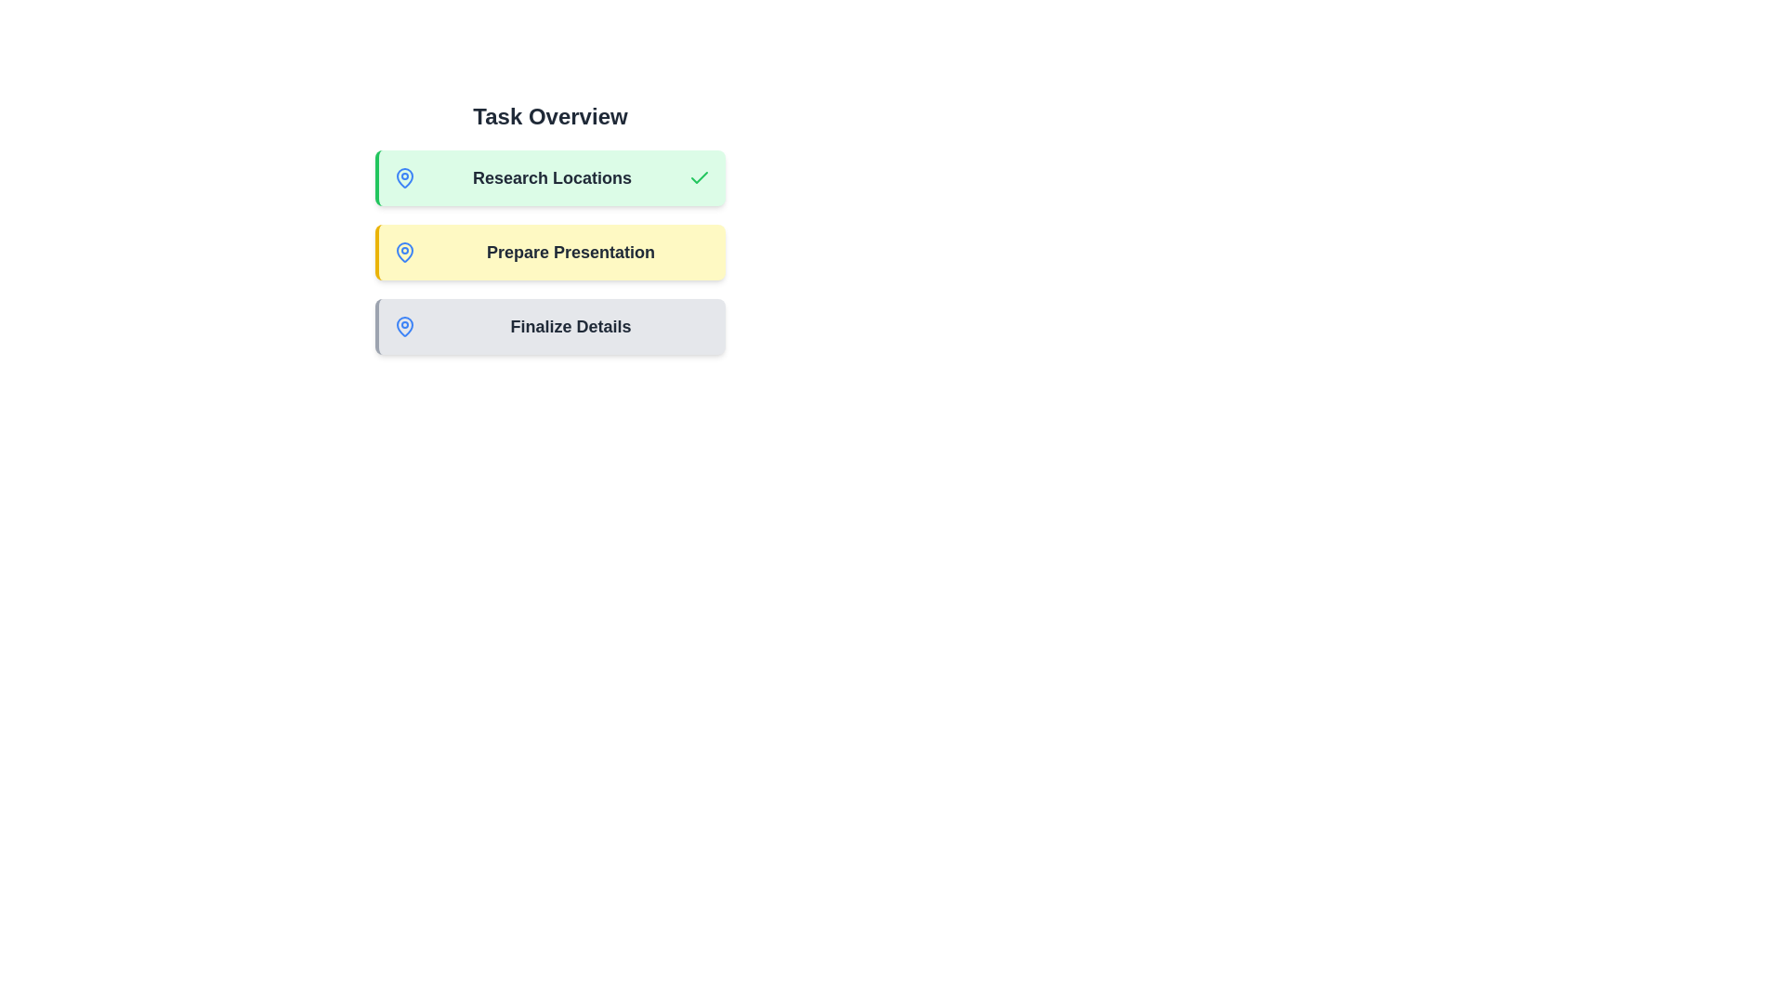 Image resolution: width=1784 pixels, height=1003 pixels. What do you see at coordinates (404, 325) in the screenshot?
I see `the status indicator icon on the task chip for Finalize Details` at bounding box center [404, 325].